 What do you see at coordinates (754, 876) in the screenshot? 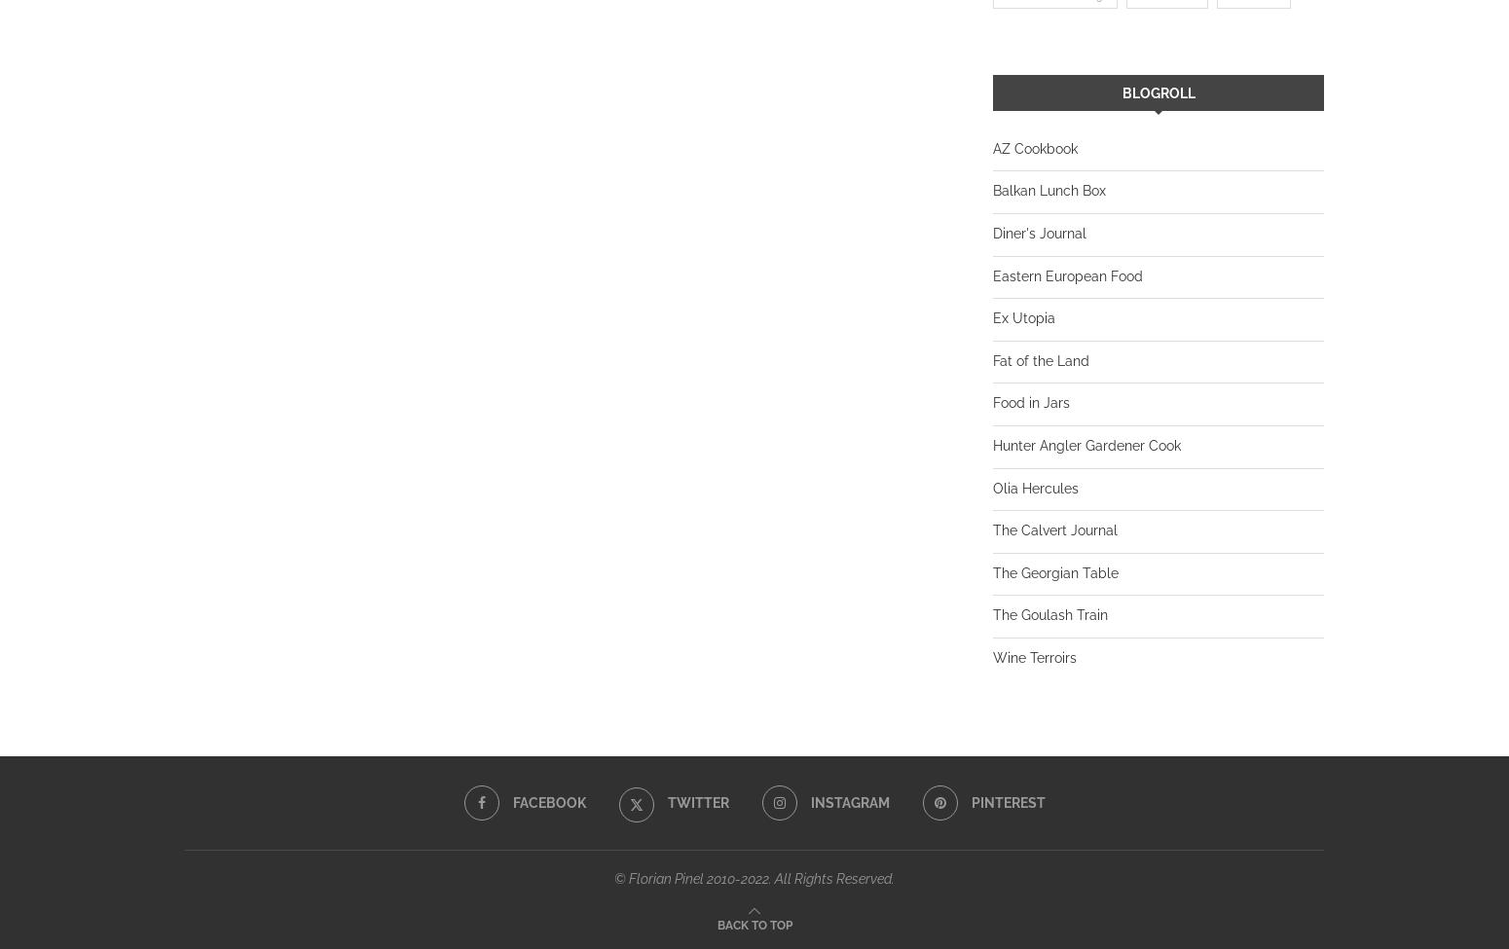
I see `'© Florian Pinel 2010-2022. All Rights Reserved.'` at bounding box center [754, 876].